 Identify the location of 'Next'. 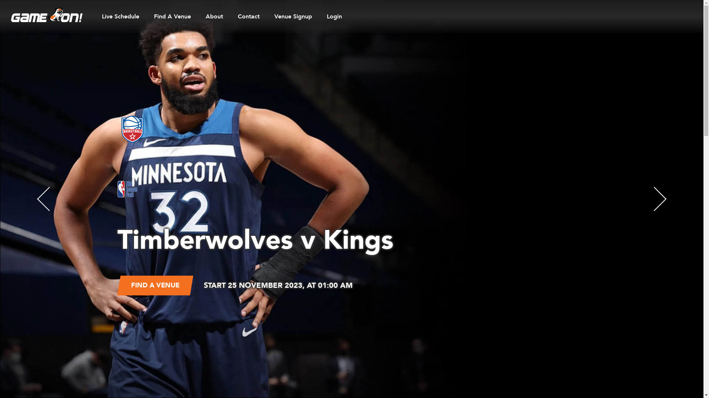
(660, 199).